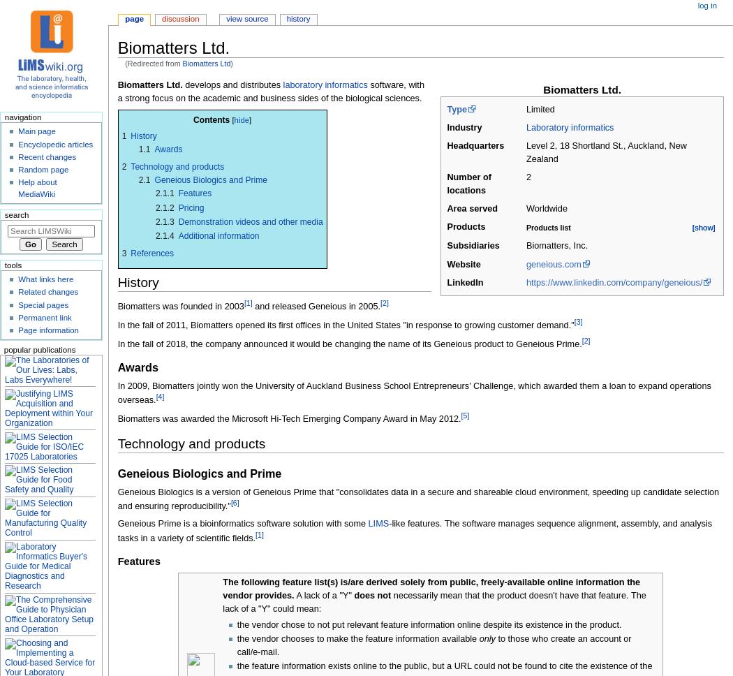 Image resolution: width=733 pixels, height=676 pixels. What do you see at coordinates (540, 108) in the screenshot?
I see `'Limited'` at bounding box center [540, 108].